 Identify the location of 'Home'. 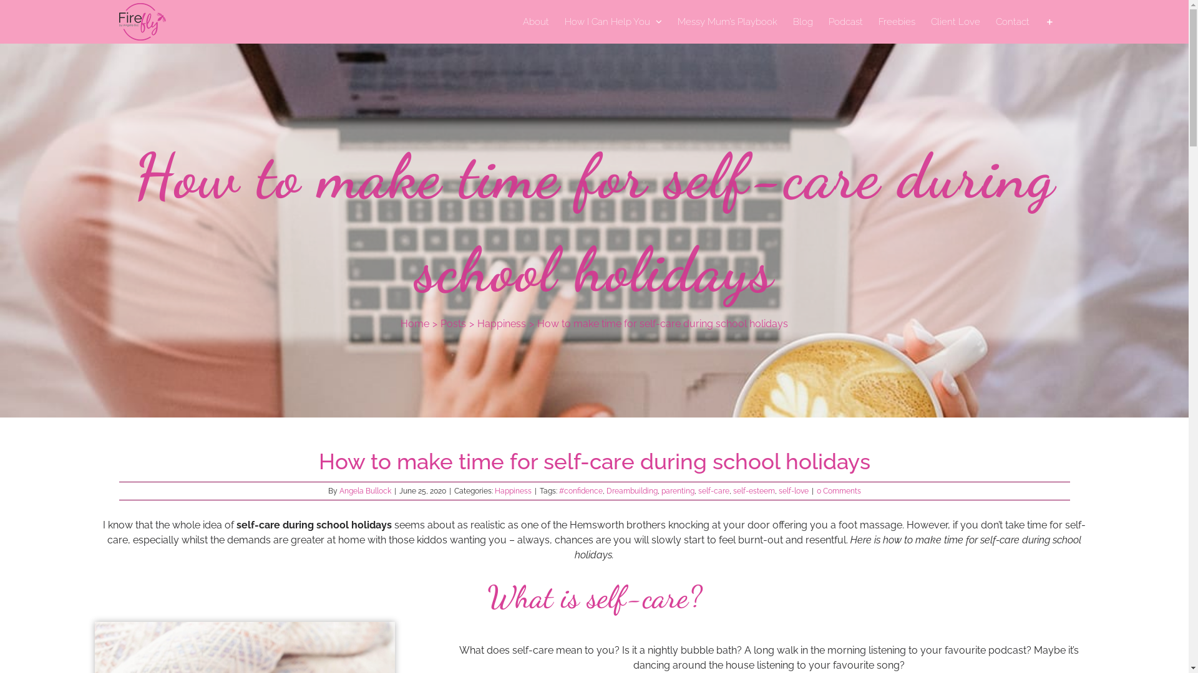
(415, 323).